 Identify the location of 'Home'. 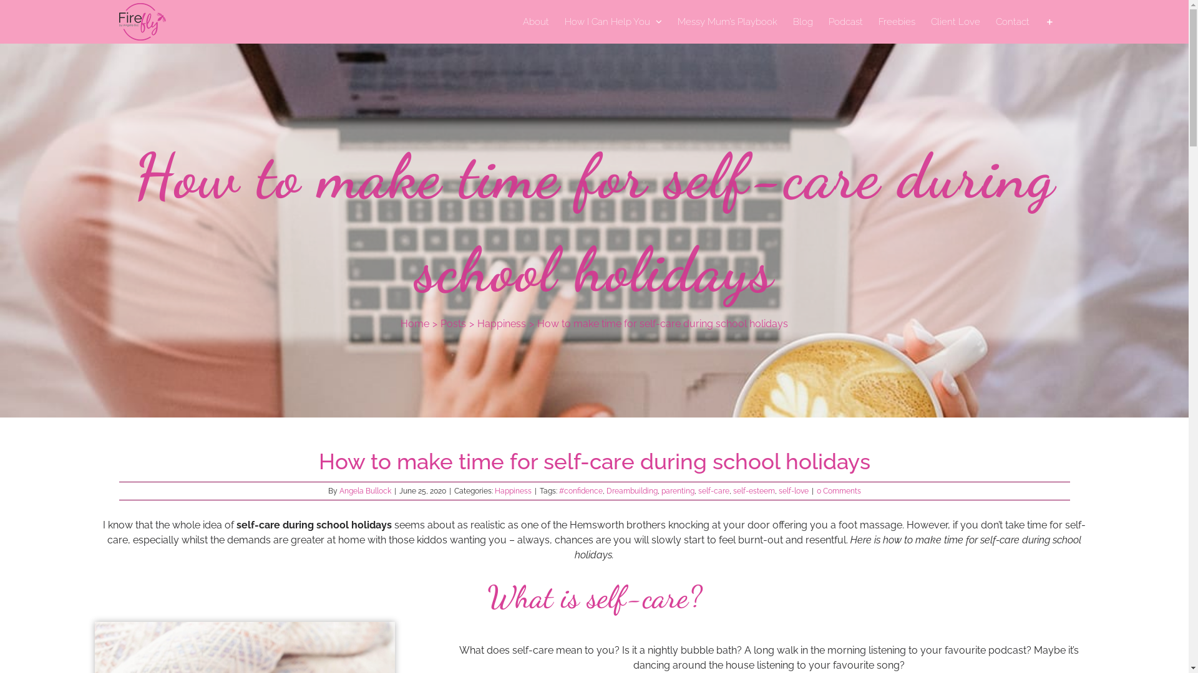
(415, 323).